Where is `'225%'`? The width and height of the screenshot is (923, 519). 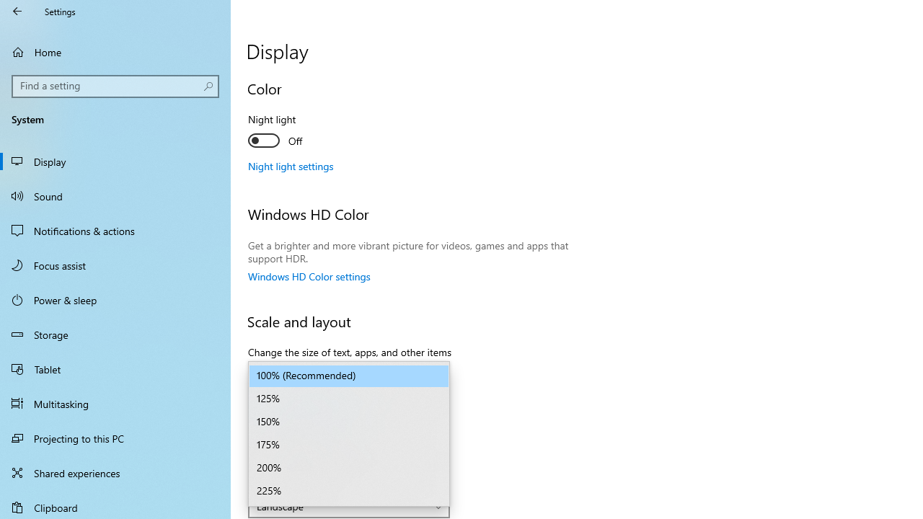
'225%' is located at coordinates (349, 490).